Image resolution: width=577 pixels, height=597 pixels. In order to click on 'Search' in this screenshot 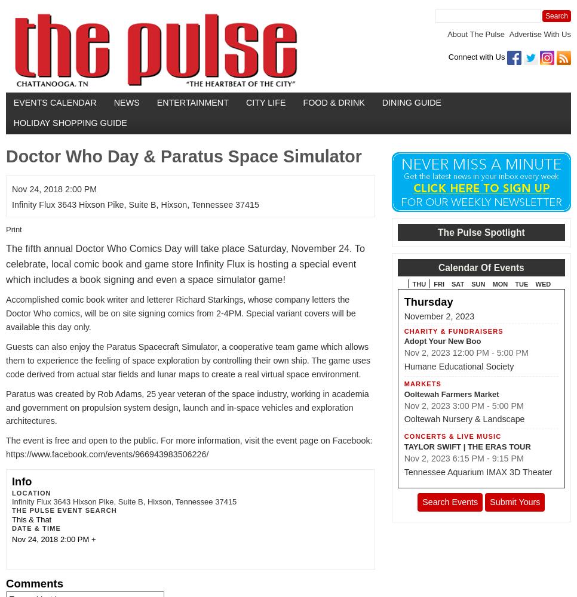, I will do `click(555, 16)`.